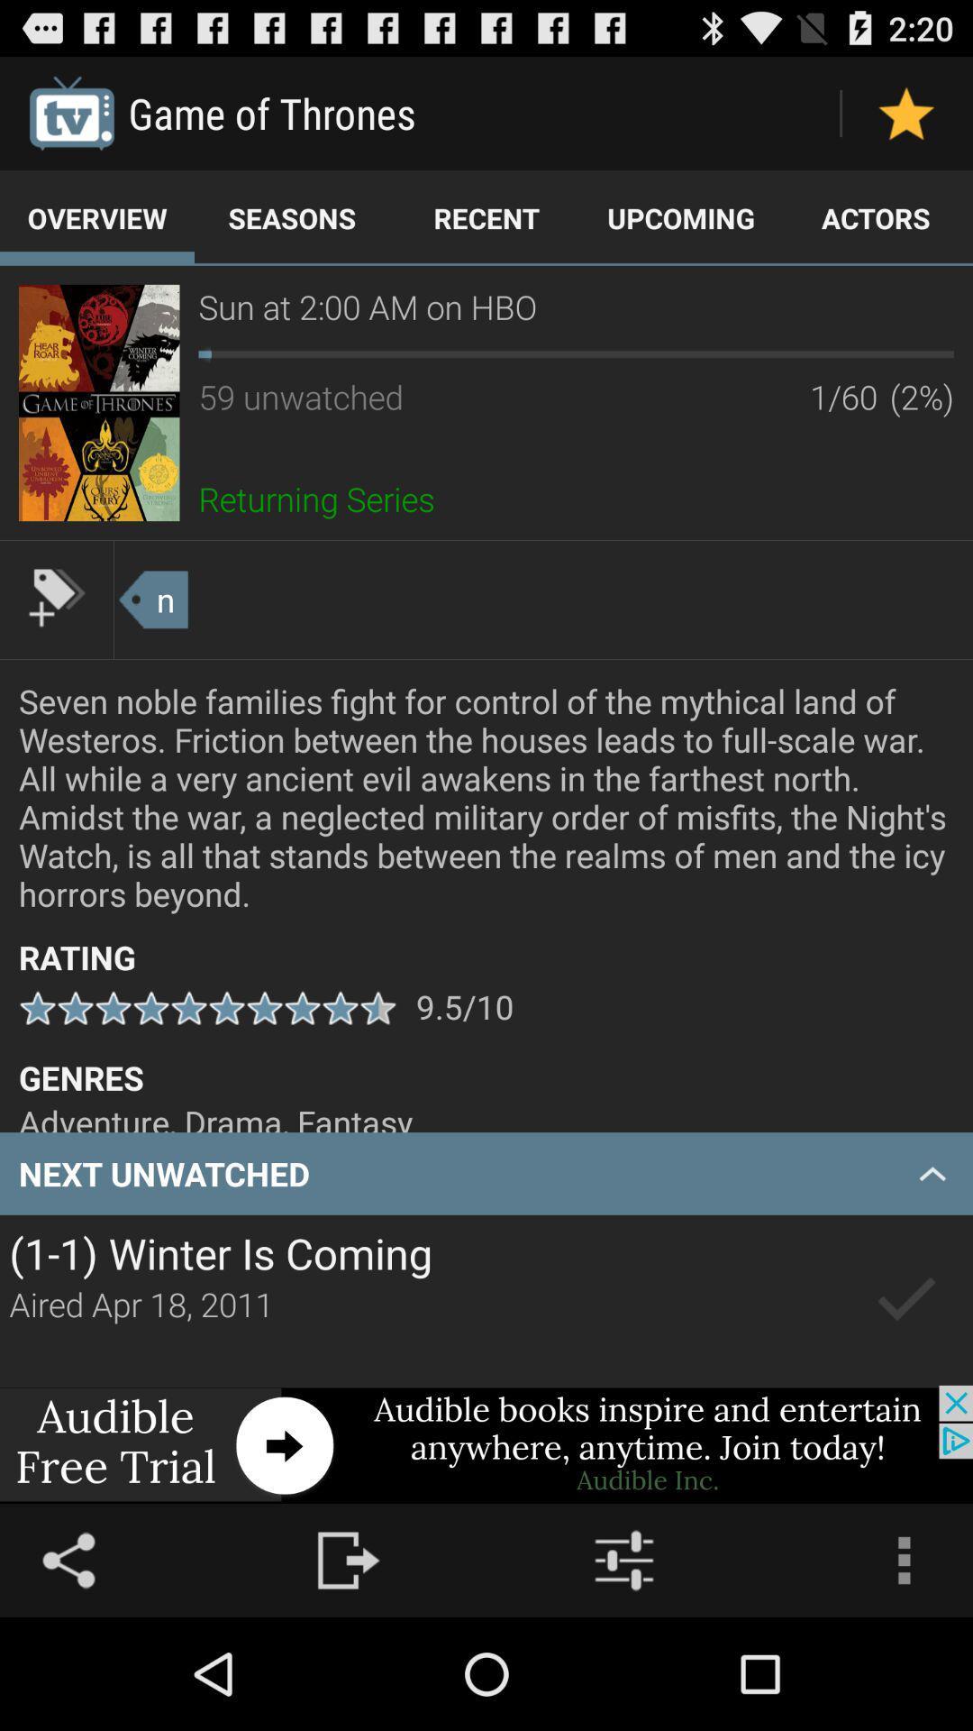 This screenshot has width=973, height=1731. I want to click on unwatched episode, so click(906, 1300).